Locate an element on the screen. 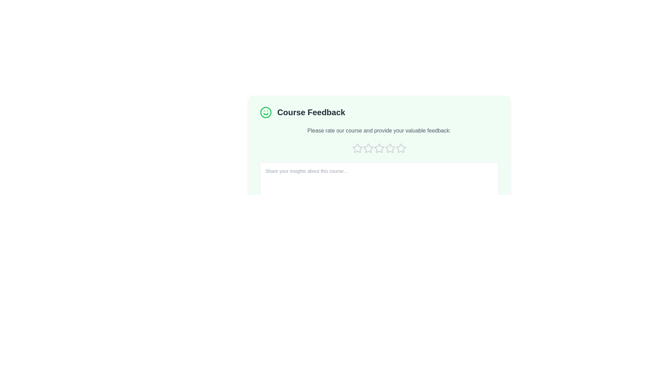 Image resolution: width=652 pixels, height=366 pixels. the third star icon in the rating control is located at coordinates (390, 148).